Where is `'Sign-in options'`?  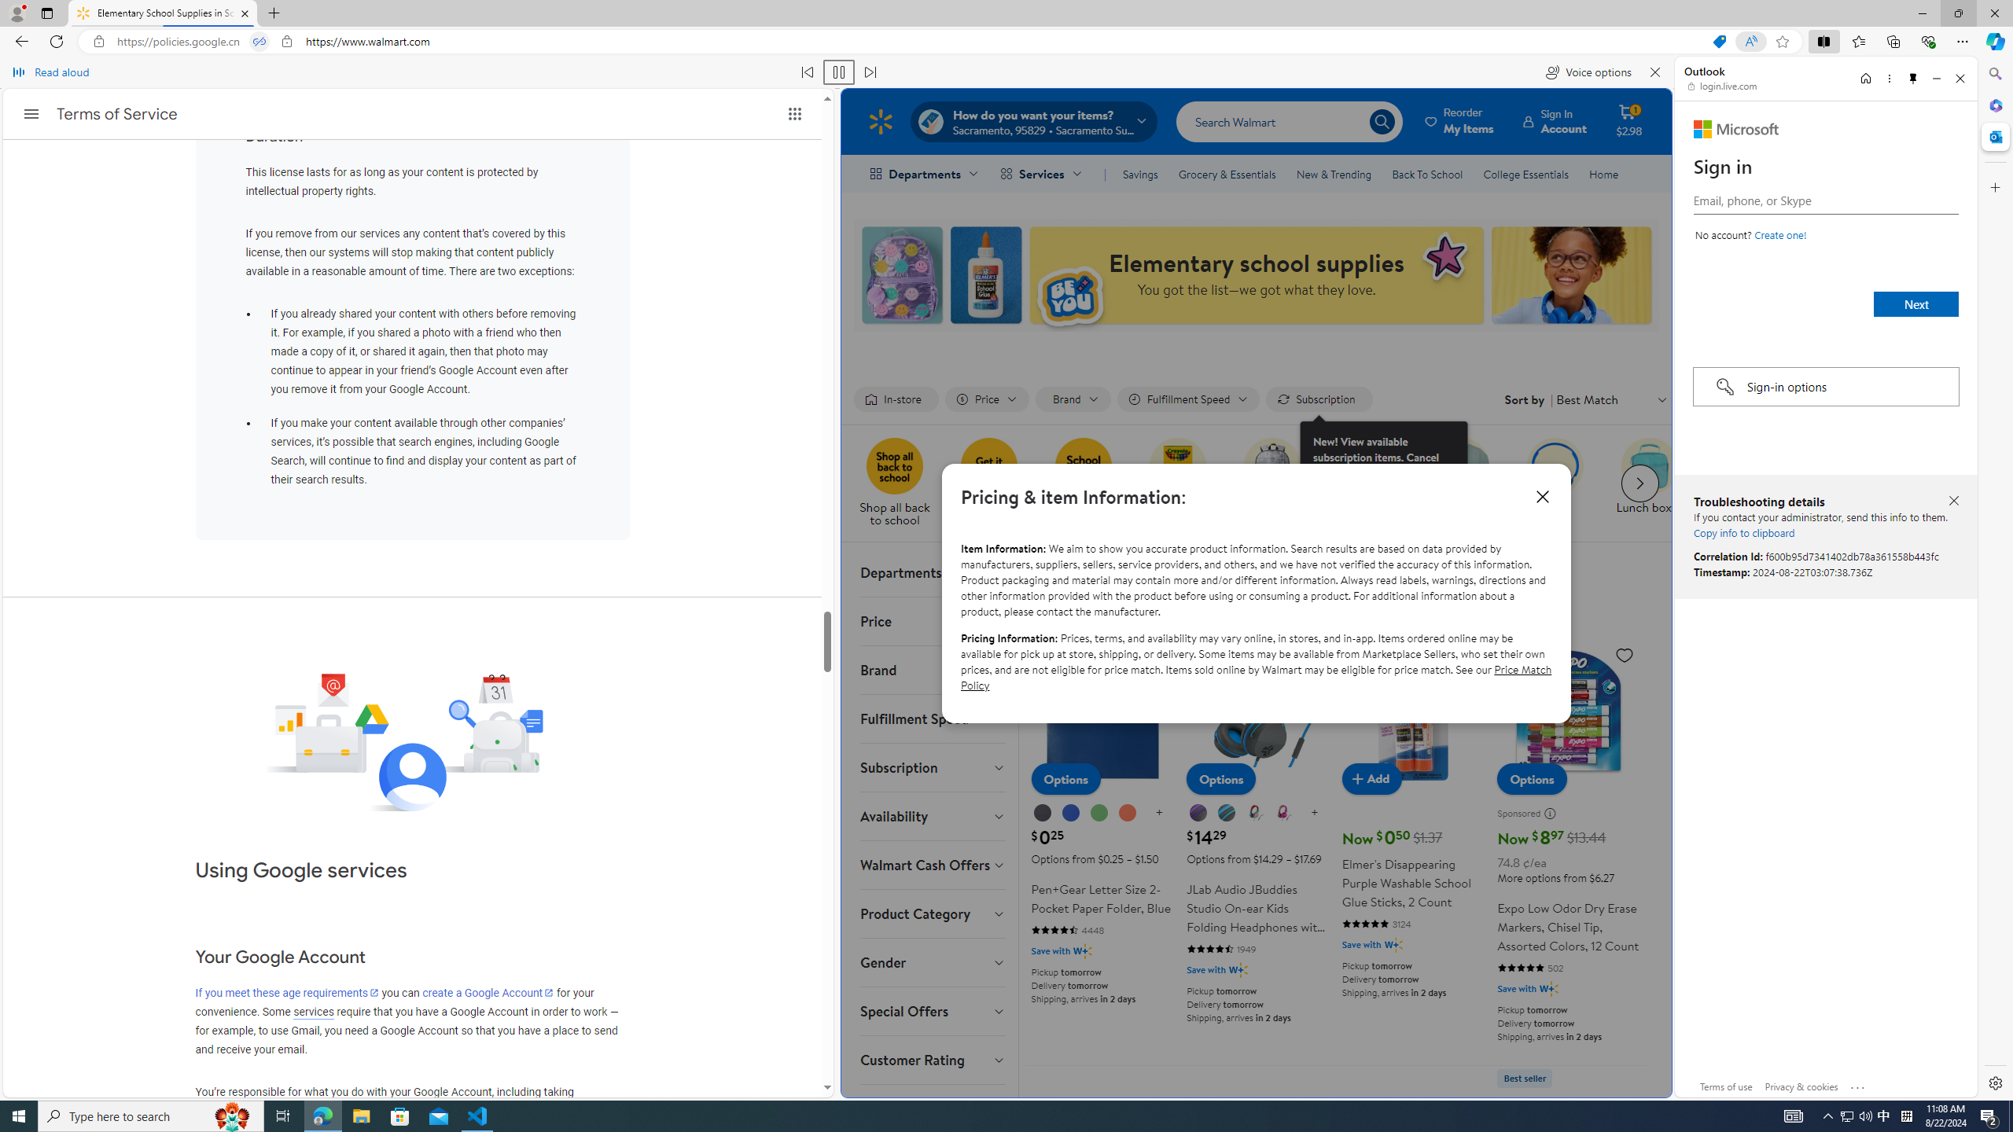 'Sign-in options' is located at coordinates (1824, 385).